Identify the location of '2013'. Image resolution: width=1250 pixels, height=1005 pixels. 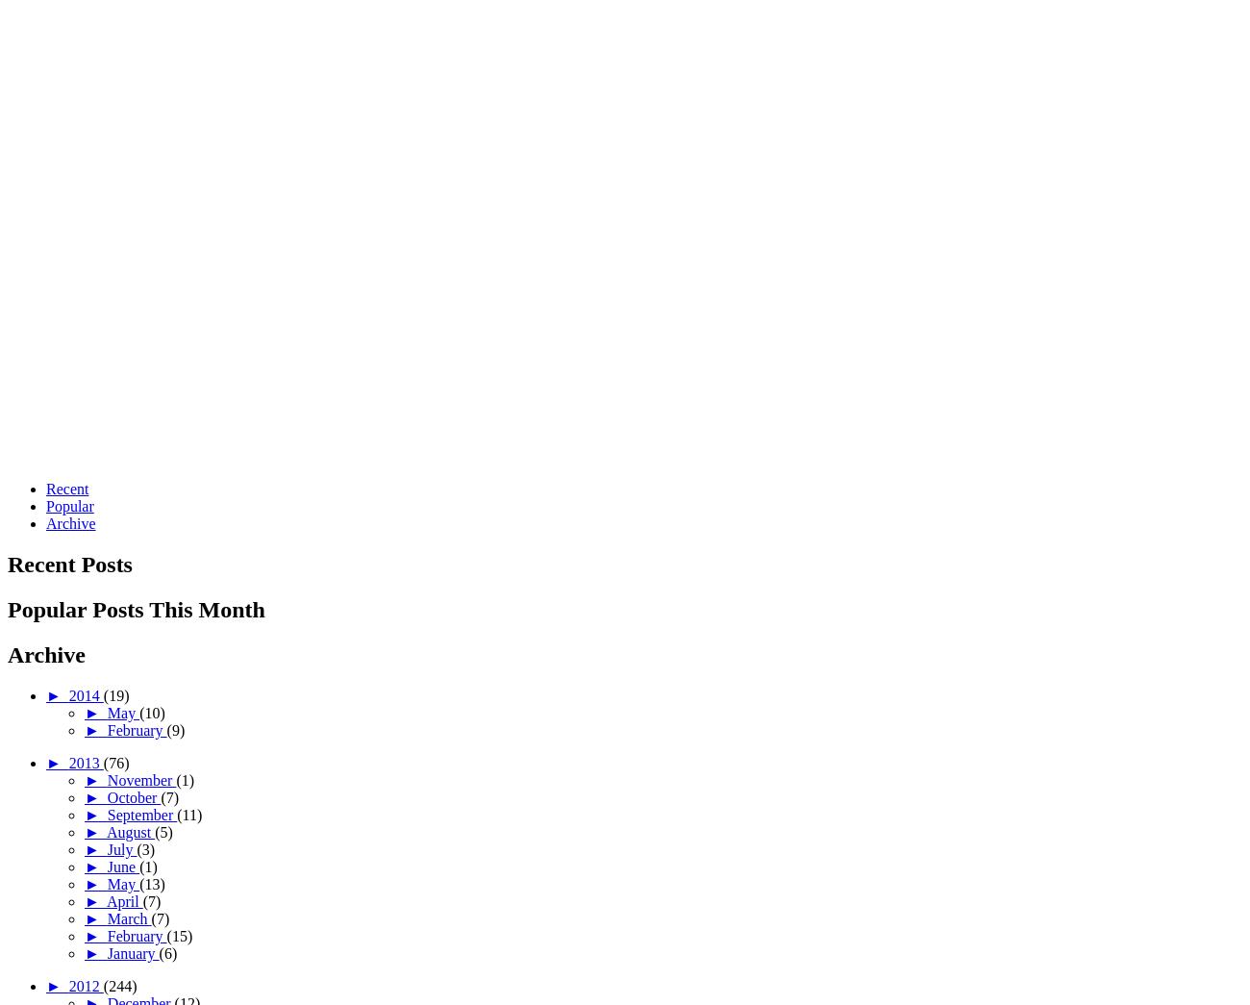
(86, 762).